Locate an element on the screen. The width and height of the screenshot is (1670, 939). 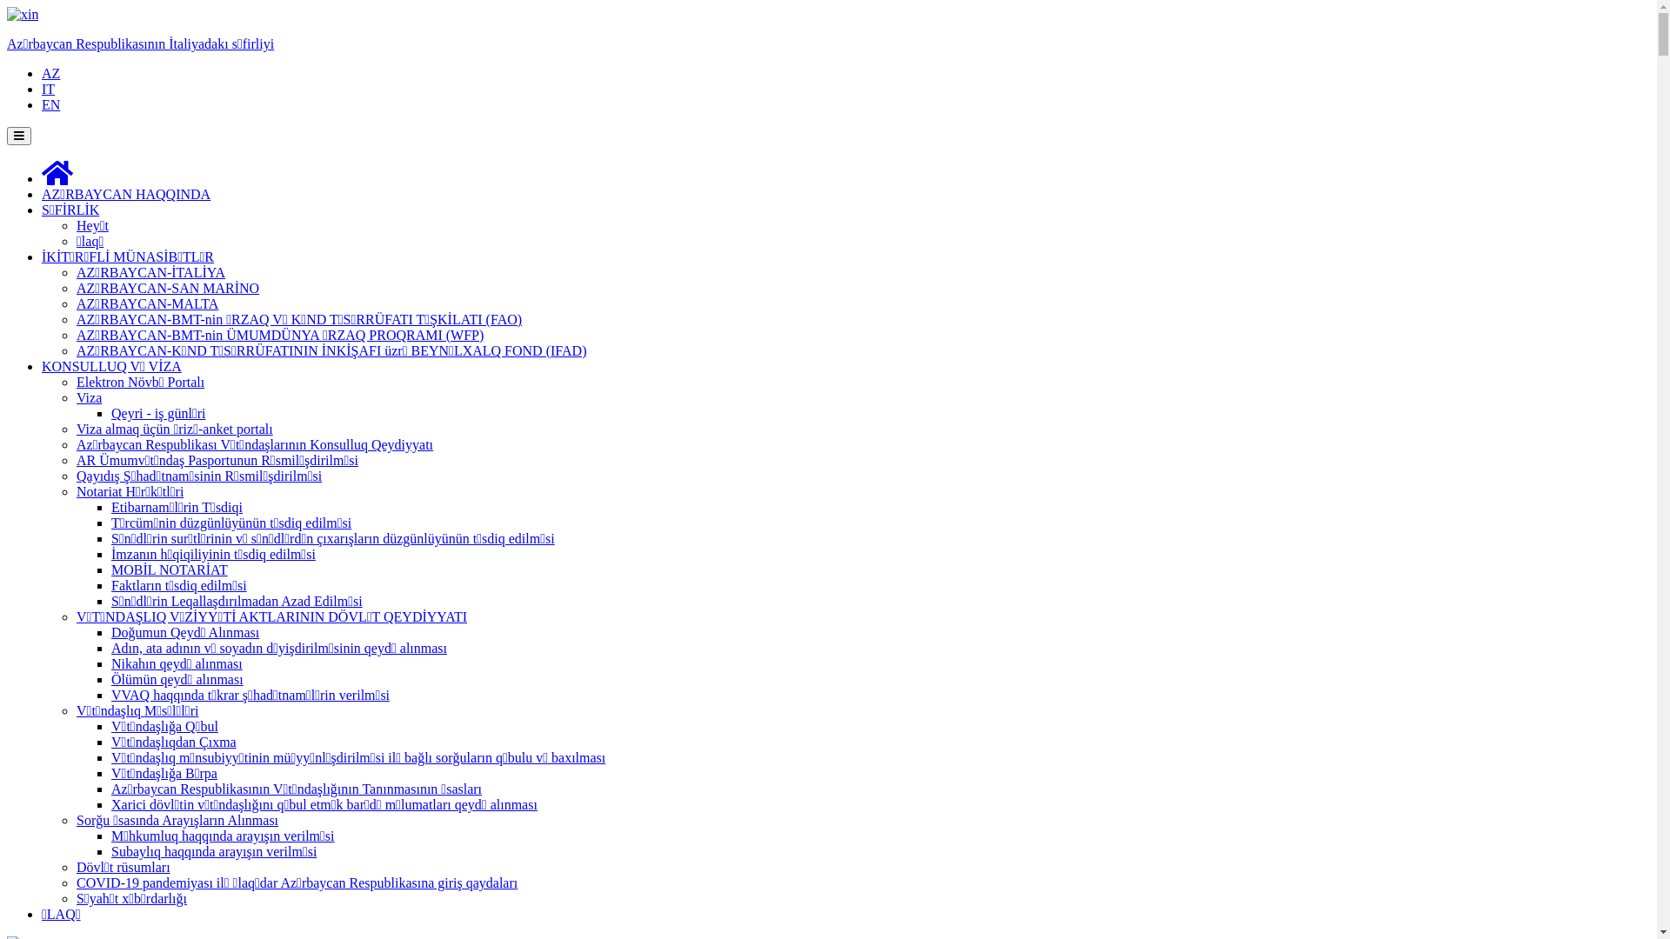
'Viza' is located at coordinates (88, 397).